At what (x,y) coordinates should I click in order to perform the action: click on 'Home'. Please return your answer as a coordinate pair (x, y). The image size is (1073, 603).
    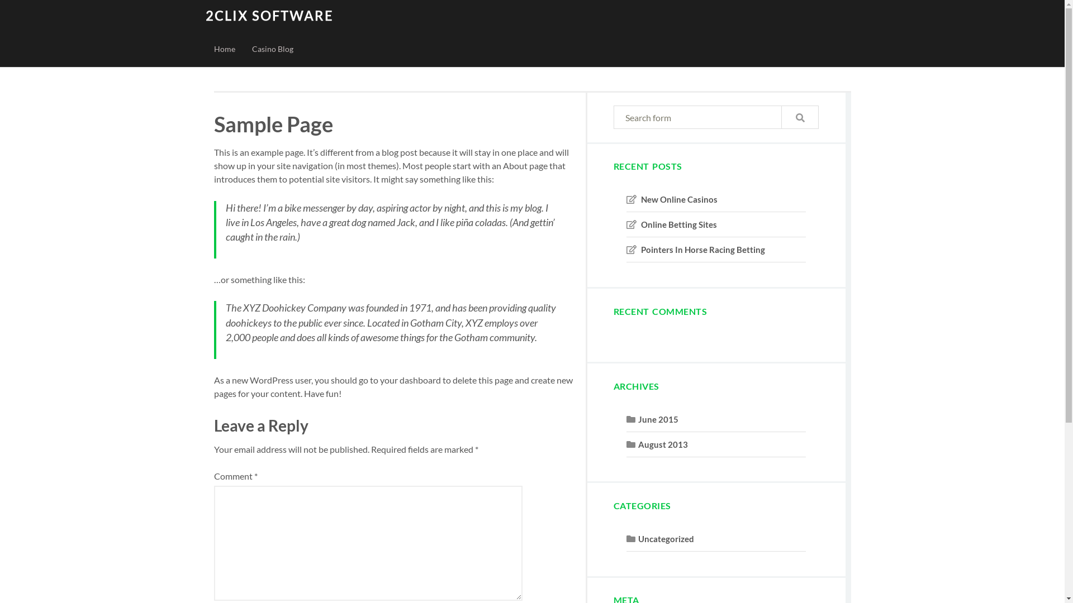
    Looking at the image, I should click on (224, 49).